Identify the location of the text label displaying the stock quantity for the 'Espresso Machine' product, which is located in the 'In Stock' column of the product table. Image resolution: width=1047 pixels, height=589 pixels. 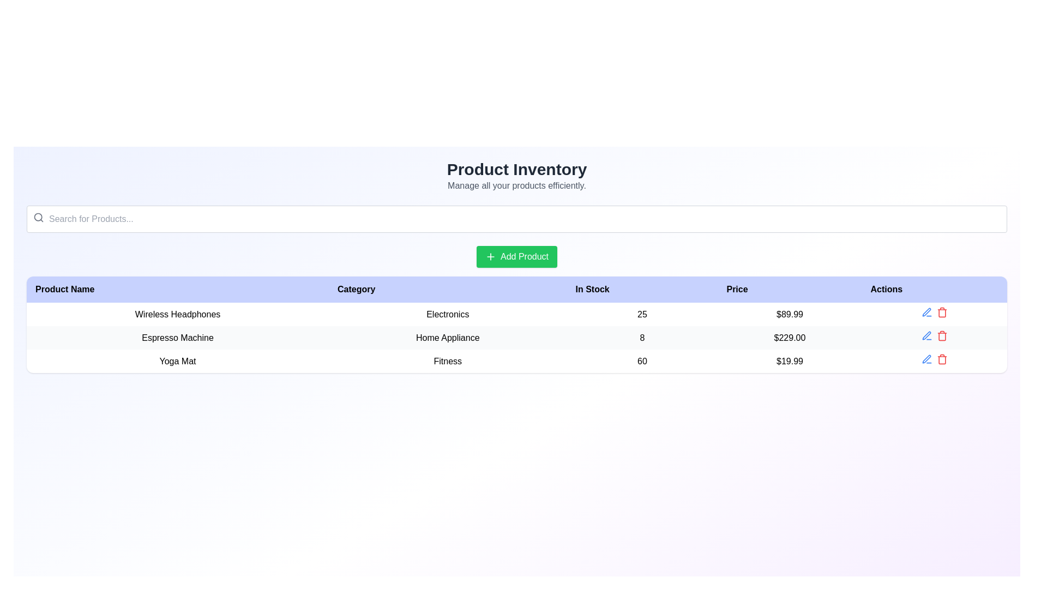
(642, 337).